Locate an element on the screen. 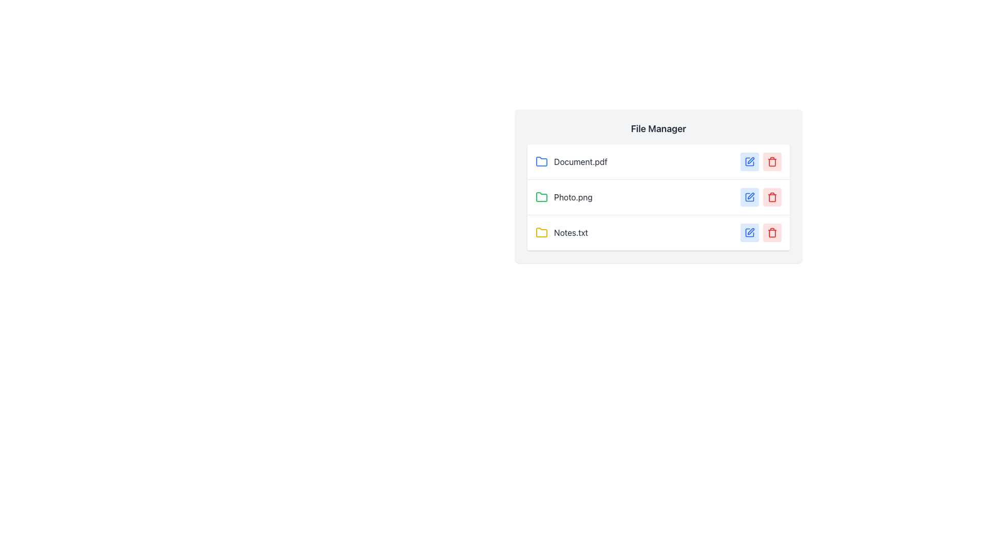 The width and height of the screenshot is (986, 555). the edit icon button located in the last row of the file manager list next to 'Notes.txt' is located at coordinates (749, 232).